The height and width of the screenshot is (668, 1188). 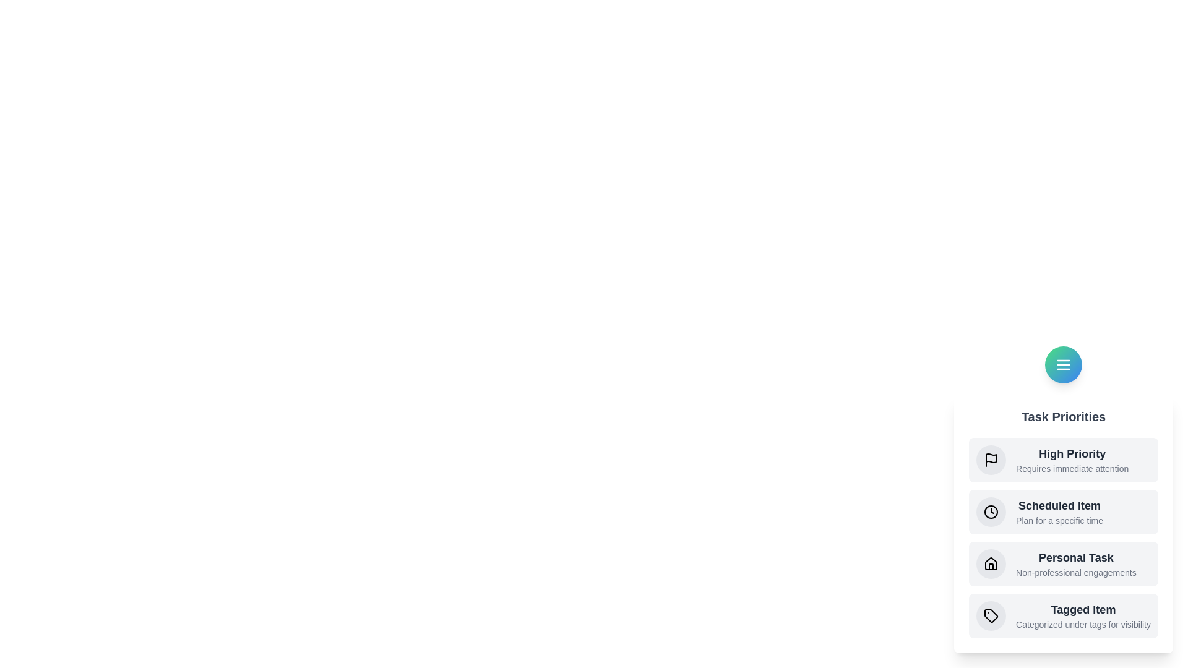 What do you see at coordinates (1062, 615) in the screenshot?
I see `the priority item Tagged Item to read its description` at bounding box center [1062, 615].